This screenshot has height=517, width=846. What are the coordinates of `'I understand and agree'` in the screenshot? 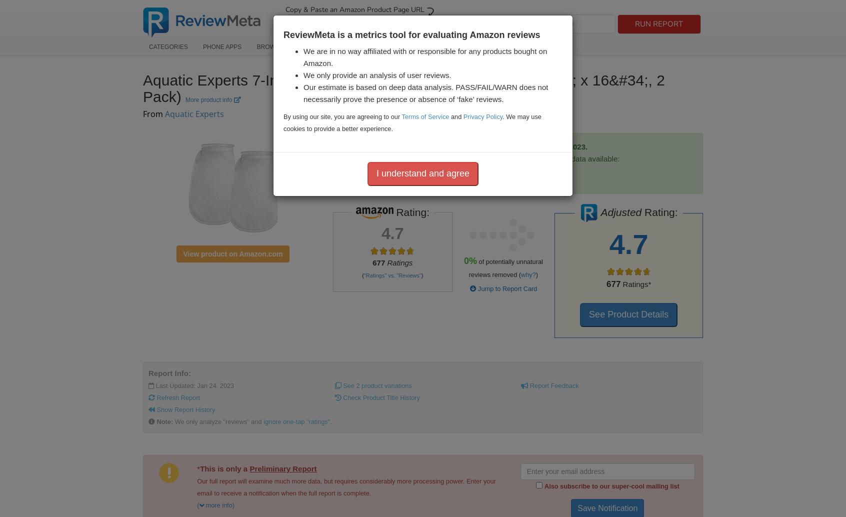 It's located at (375, 172).